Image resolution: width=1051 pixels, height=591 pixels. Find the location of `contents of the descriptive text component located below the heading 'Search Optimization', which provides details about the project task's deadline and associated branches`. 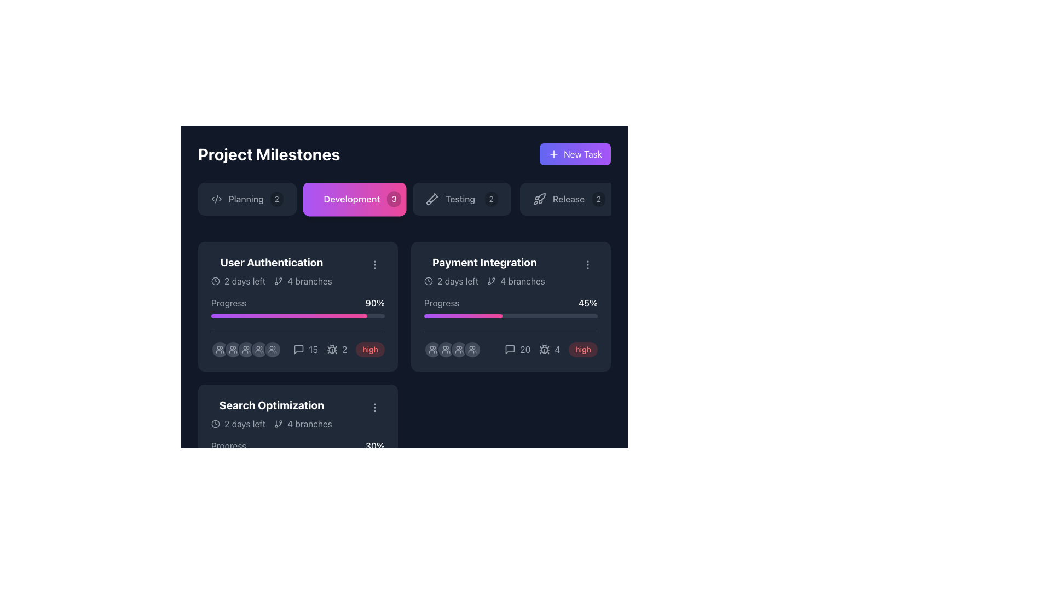

contents of the descriptive text component located below the heading 'Search Optimization', which provides details about the project task's deadline and associated branches is located at coordinates (272, 424).